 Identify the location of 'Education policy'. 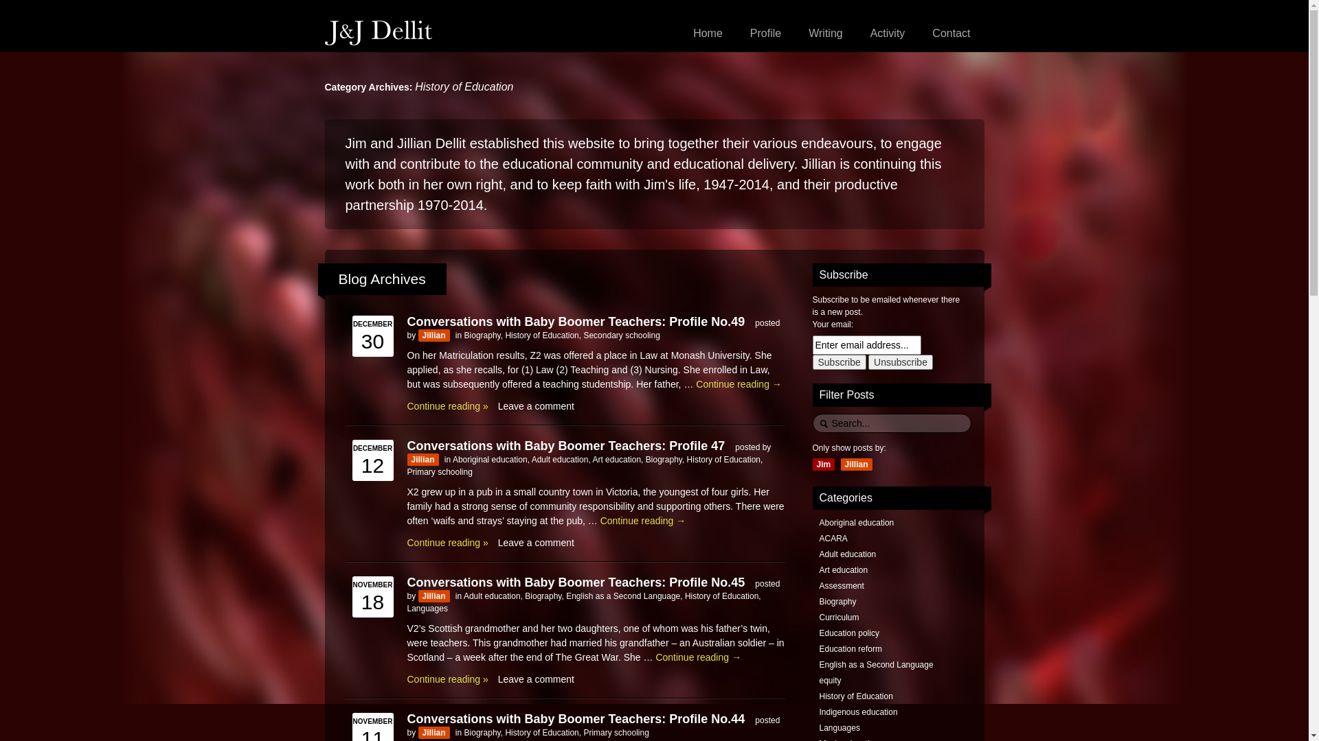
(848, 633).